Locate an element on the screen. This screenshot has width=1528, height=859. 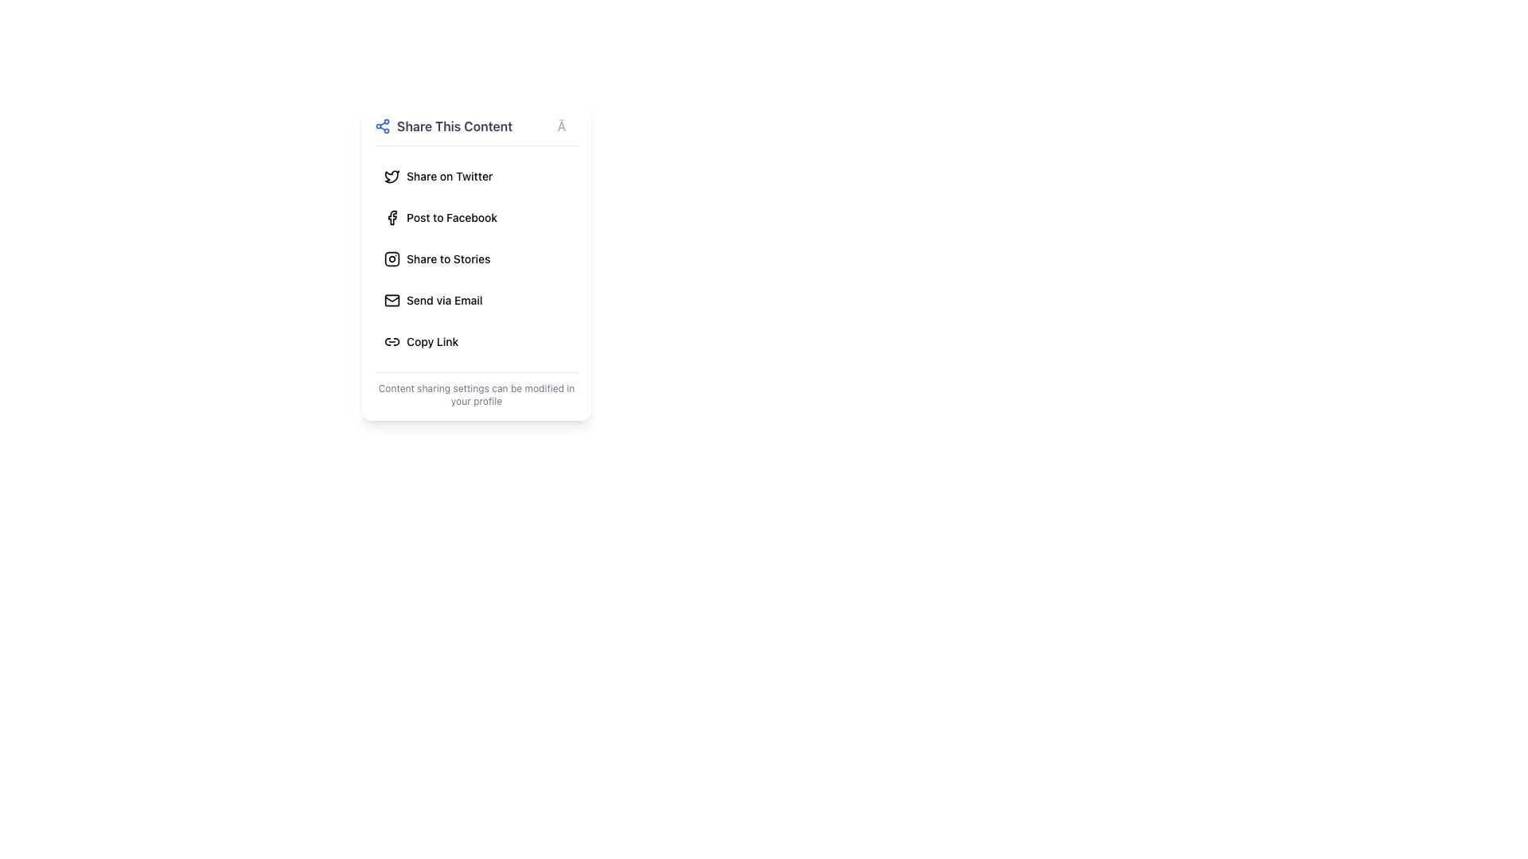
the blue share icon located at the very left of the header bar labeled 'Share This Content' is located at coordinates (382, 125).